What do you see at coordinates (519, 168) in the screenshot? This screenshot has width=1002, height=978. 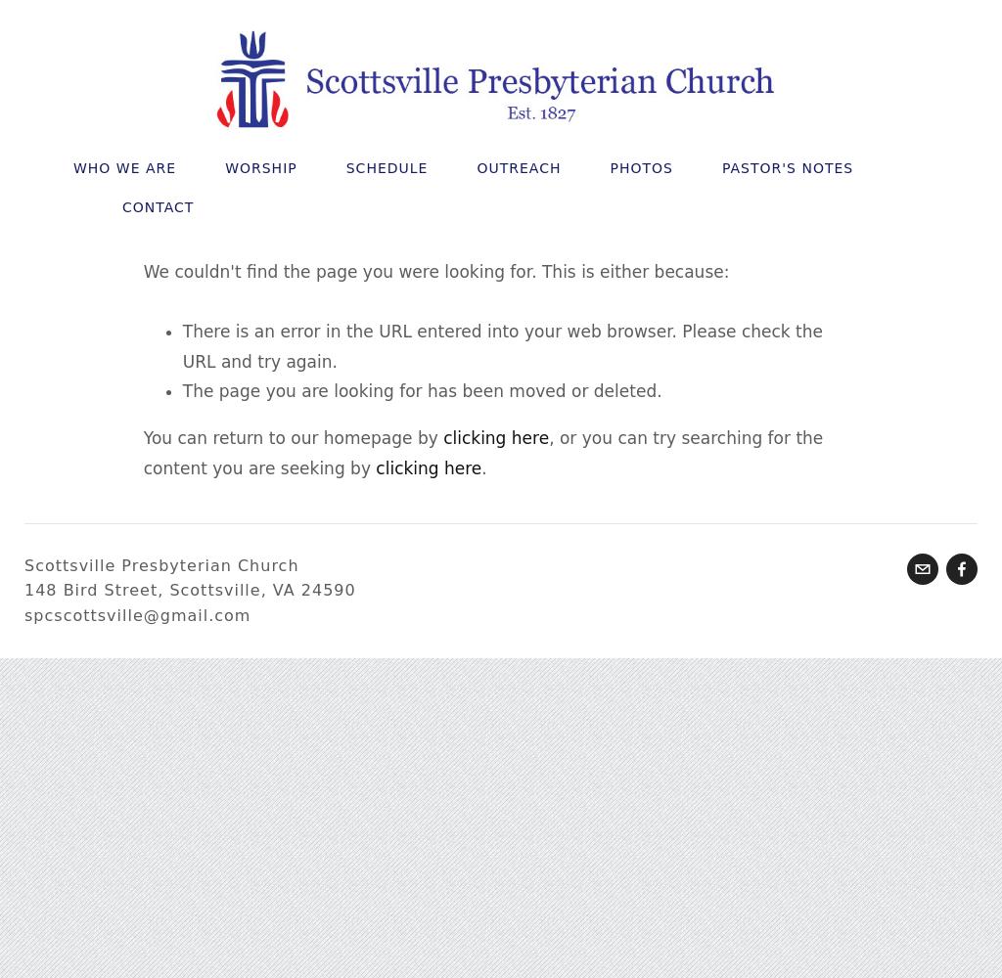 I see `'Outreach'` at bounding box center [519, 168].